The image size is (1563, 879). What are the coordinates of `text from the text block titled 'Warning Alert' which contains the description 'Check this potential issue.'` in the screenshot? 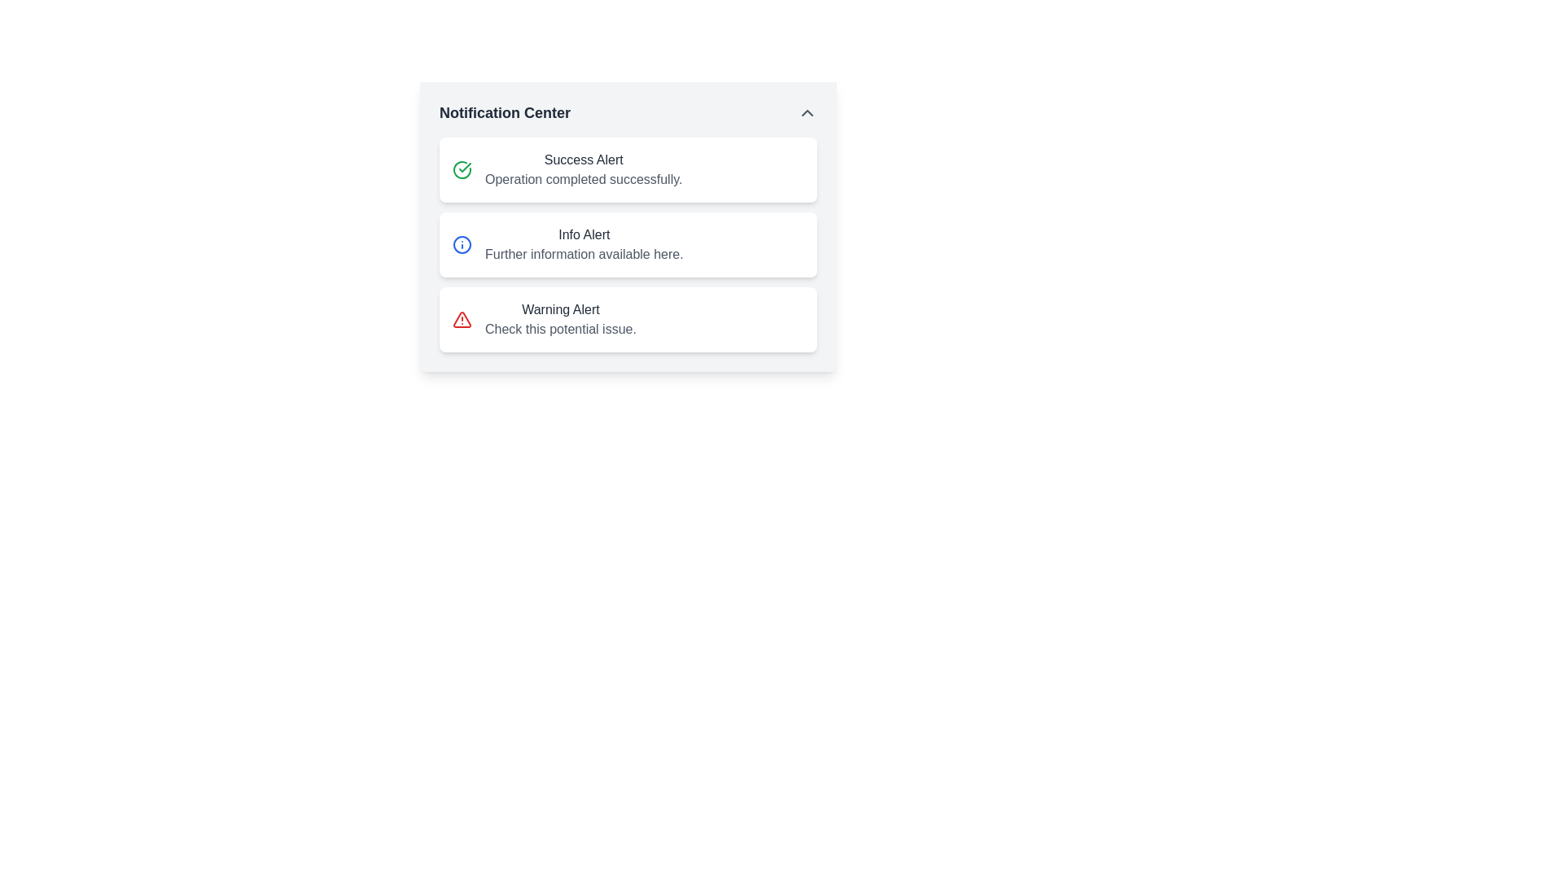 It's located at (560, 320).